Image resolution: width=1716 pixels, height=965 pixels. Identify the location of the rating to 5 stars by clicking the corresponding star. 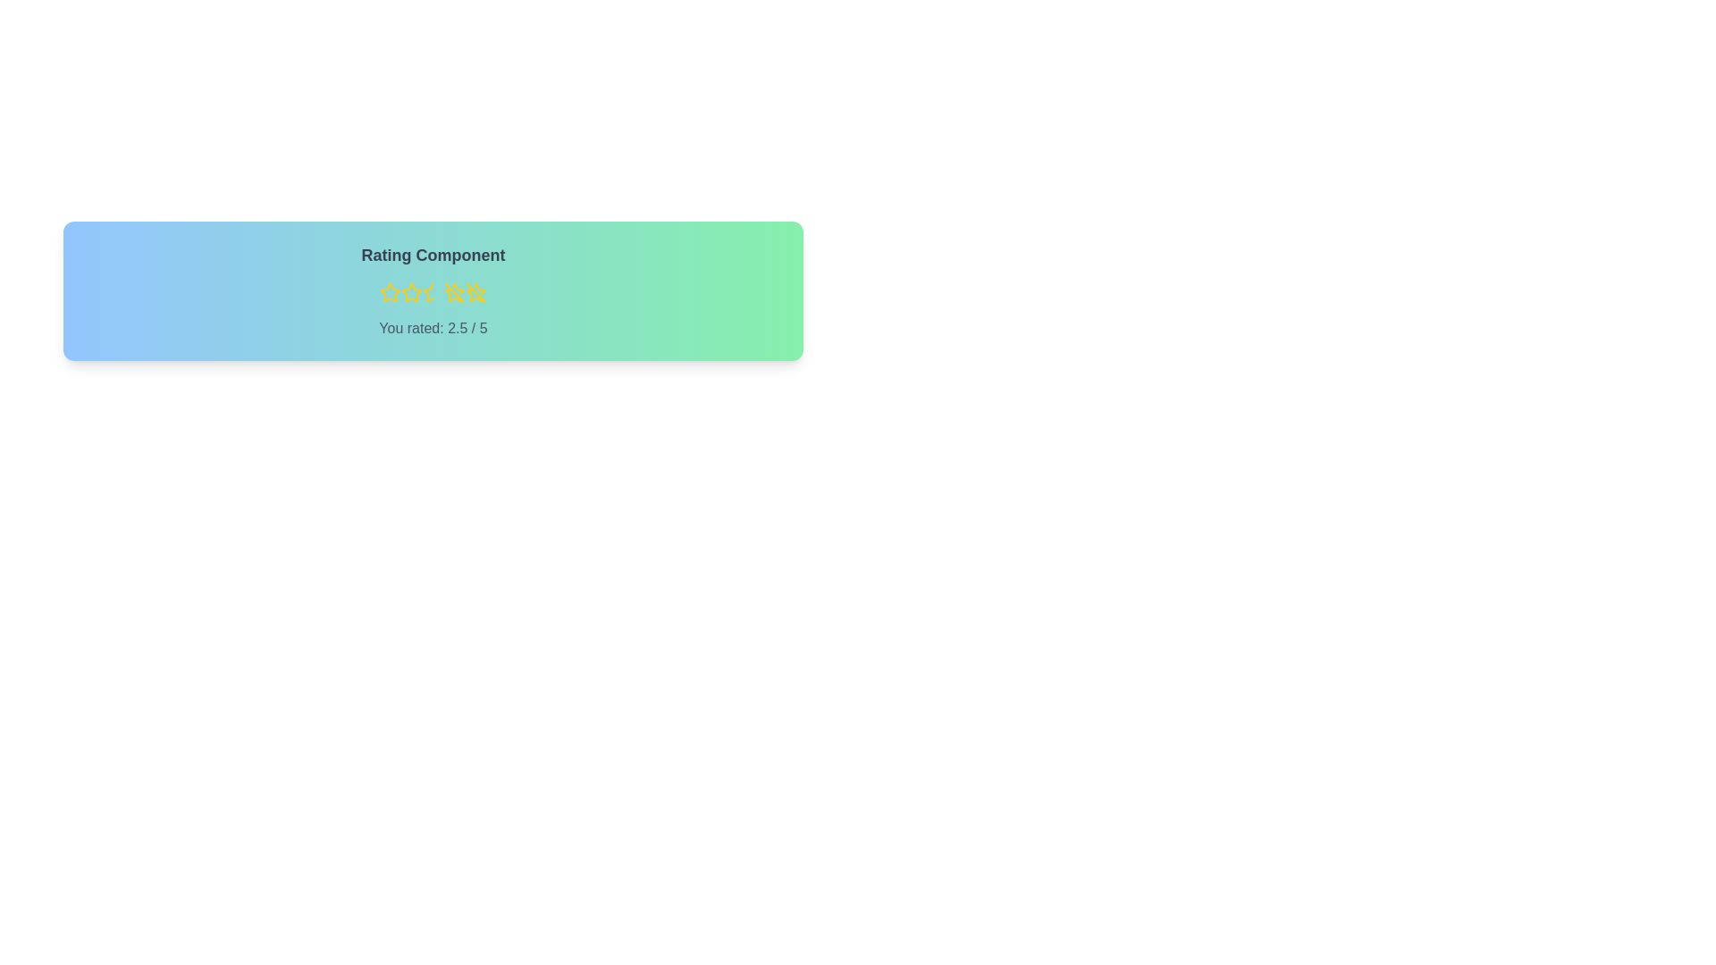
(475, 291).